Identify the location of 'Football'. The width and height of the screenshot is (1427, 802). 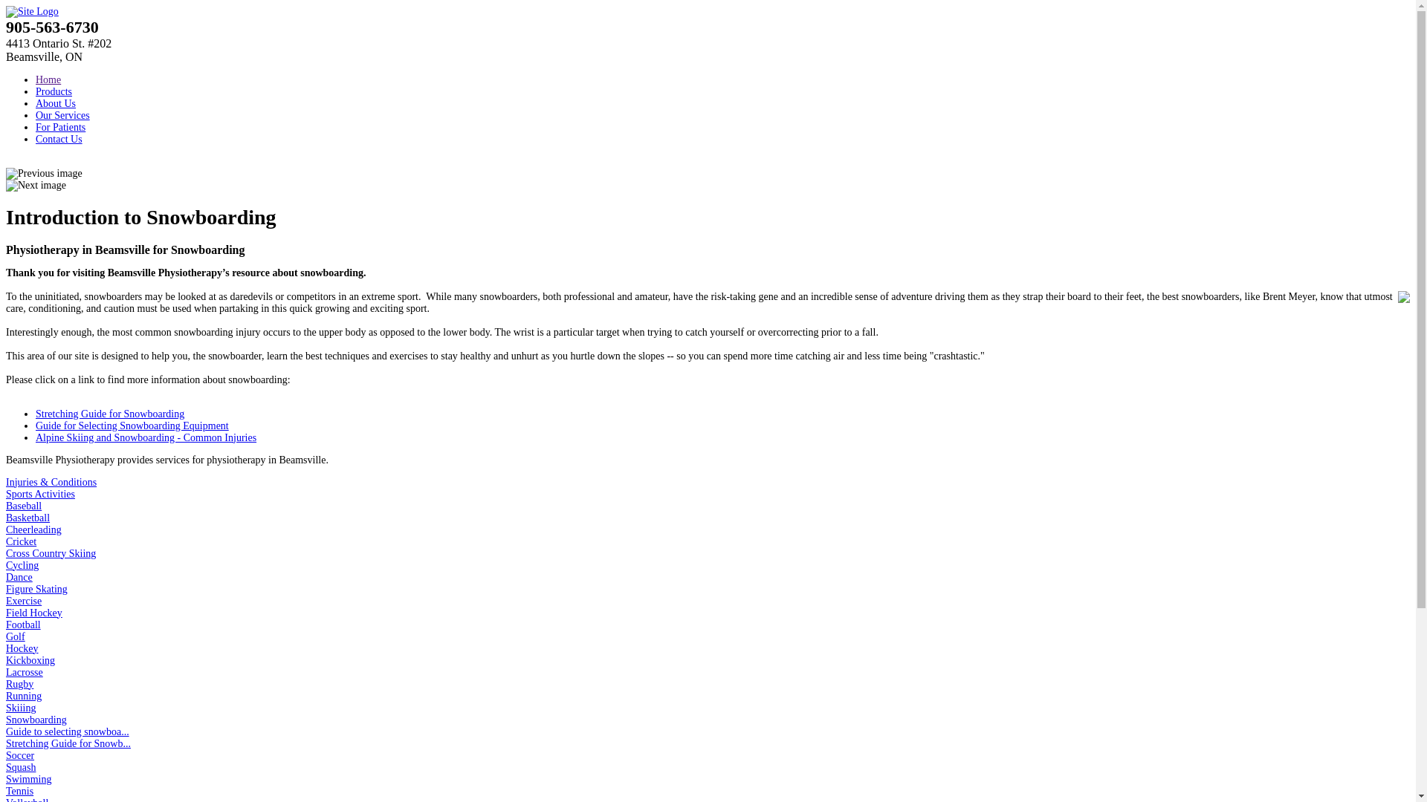
(23, 625).